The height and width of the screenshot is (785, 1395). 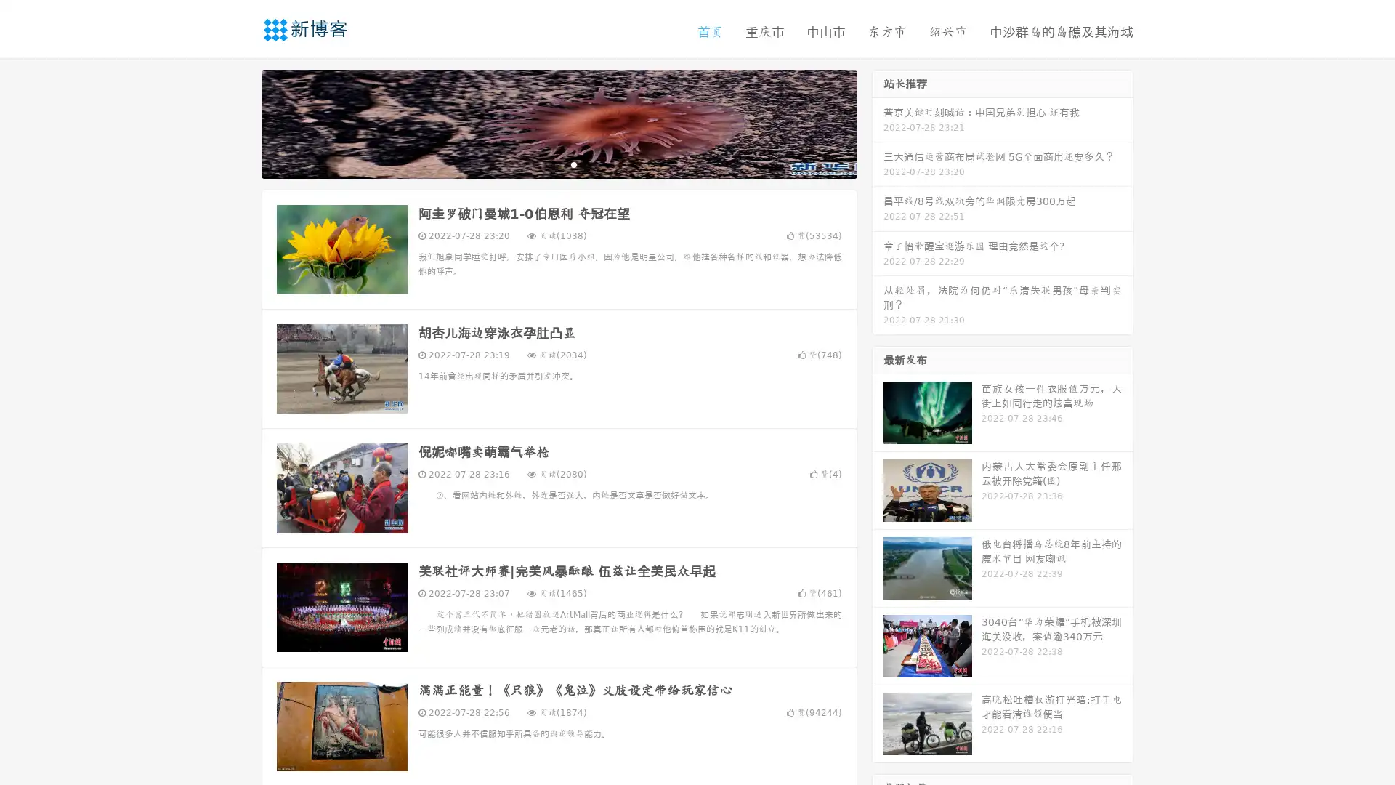 What do you see at coordinates (543, 164) in the screenshot?
I see `Go to slide 1` at bounding box center [543, 164].